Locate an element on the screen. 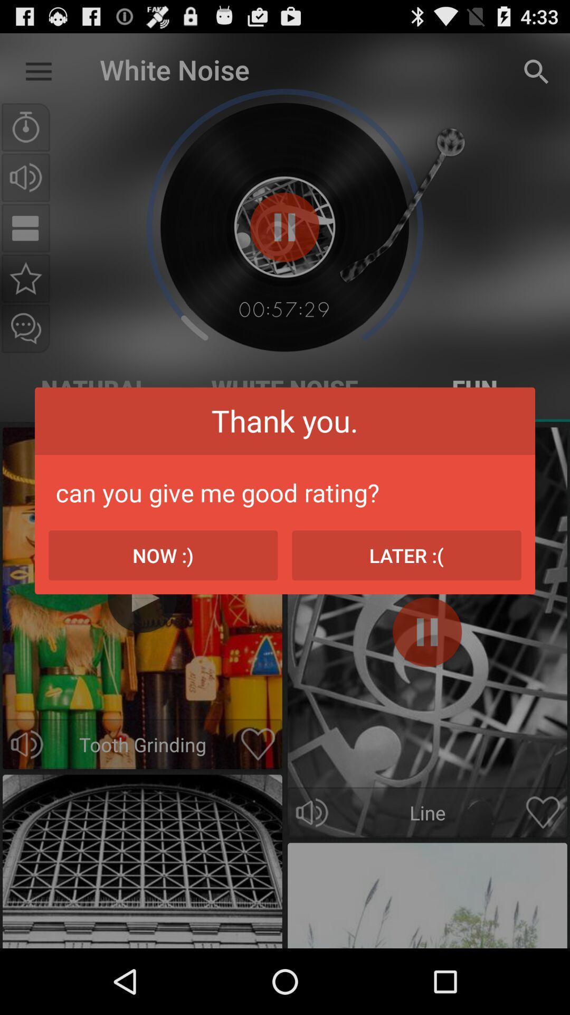 The height and width of the screenshot is (1015, 570). the item next to the later :( item is located at coordinates (163, 555).